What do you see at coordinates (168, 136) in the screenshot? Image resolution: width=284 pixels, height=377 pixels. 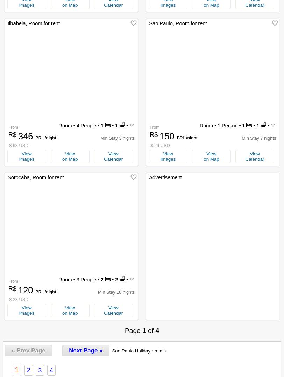 I see `'150'` at bounding box center [168, 136].